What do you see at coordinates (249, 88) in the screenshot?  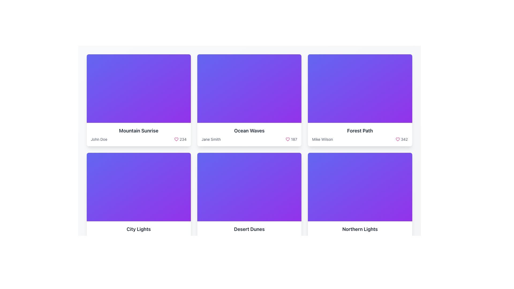 I see `the visual placeholder element with a gradient background in the 'Ocean Waves' card, which has rounded corners and occupies most of the card space` at bounding box center [249, 88].